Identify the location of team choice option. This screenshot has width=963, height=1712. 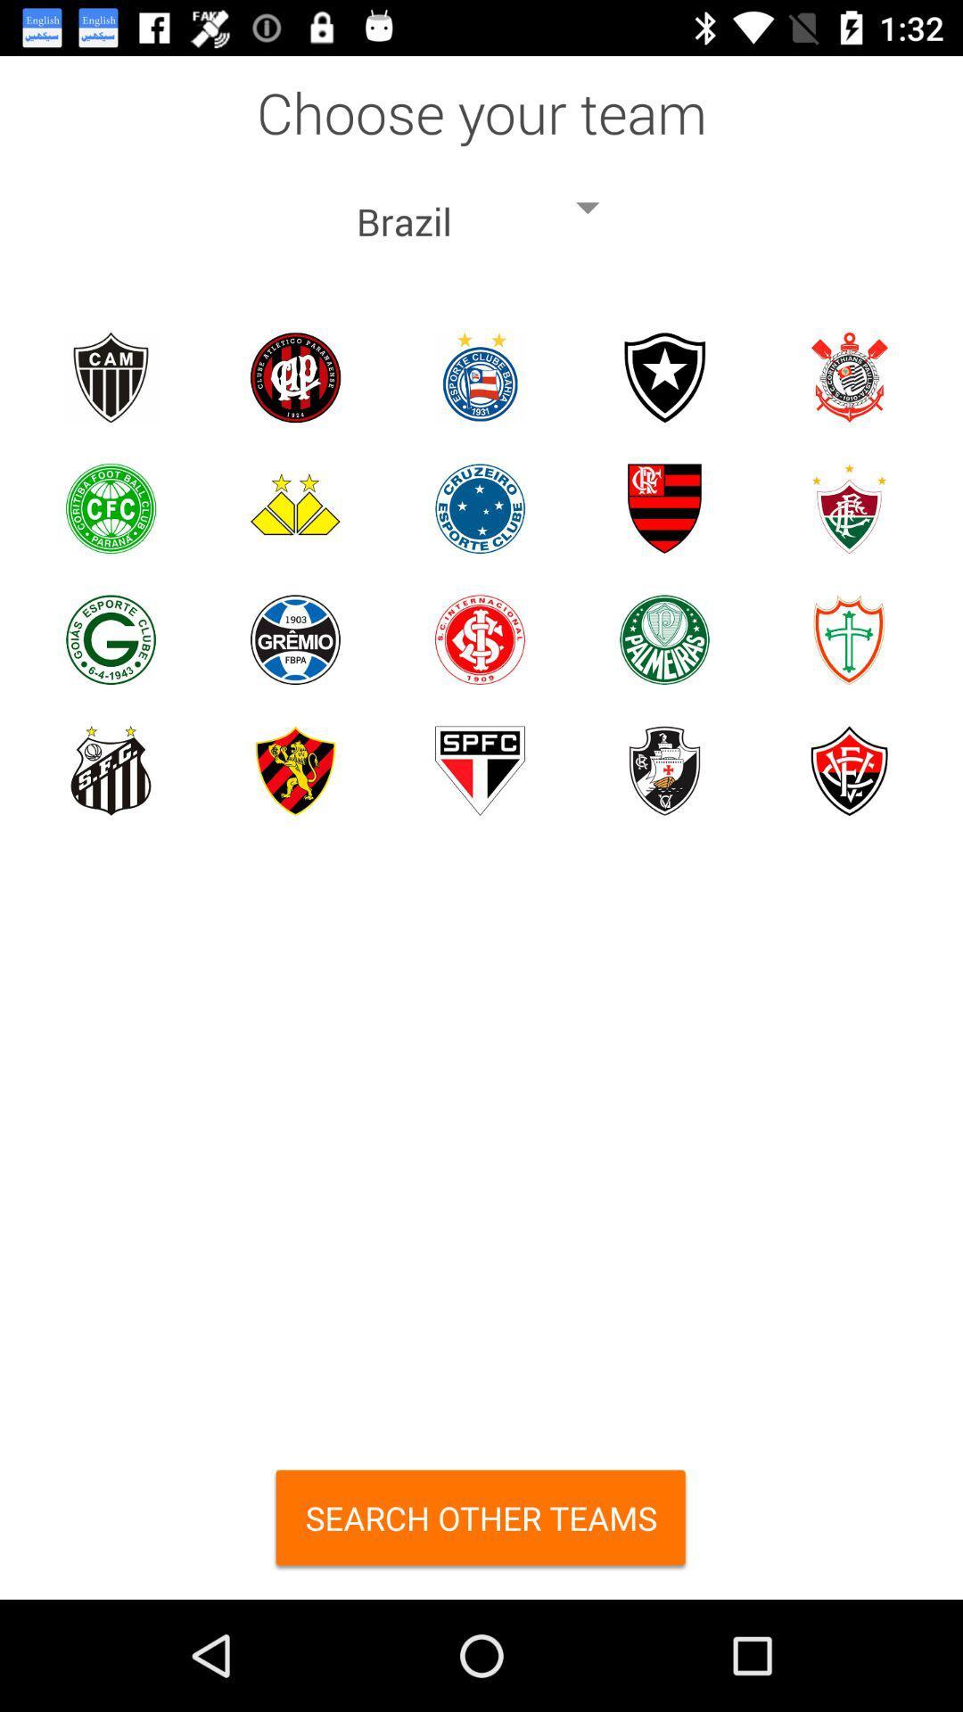
(479, 639).